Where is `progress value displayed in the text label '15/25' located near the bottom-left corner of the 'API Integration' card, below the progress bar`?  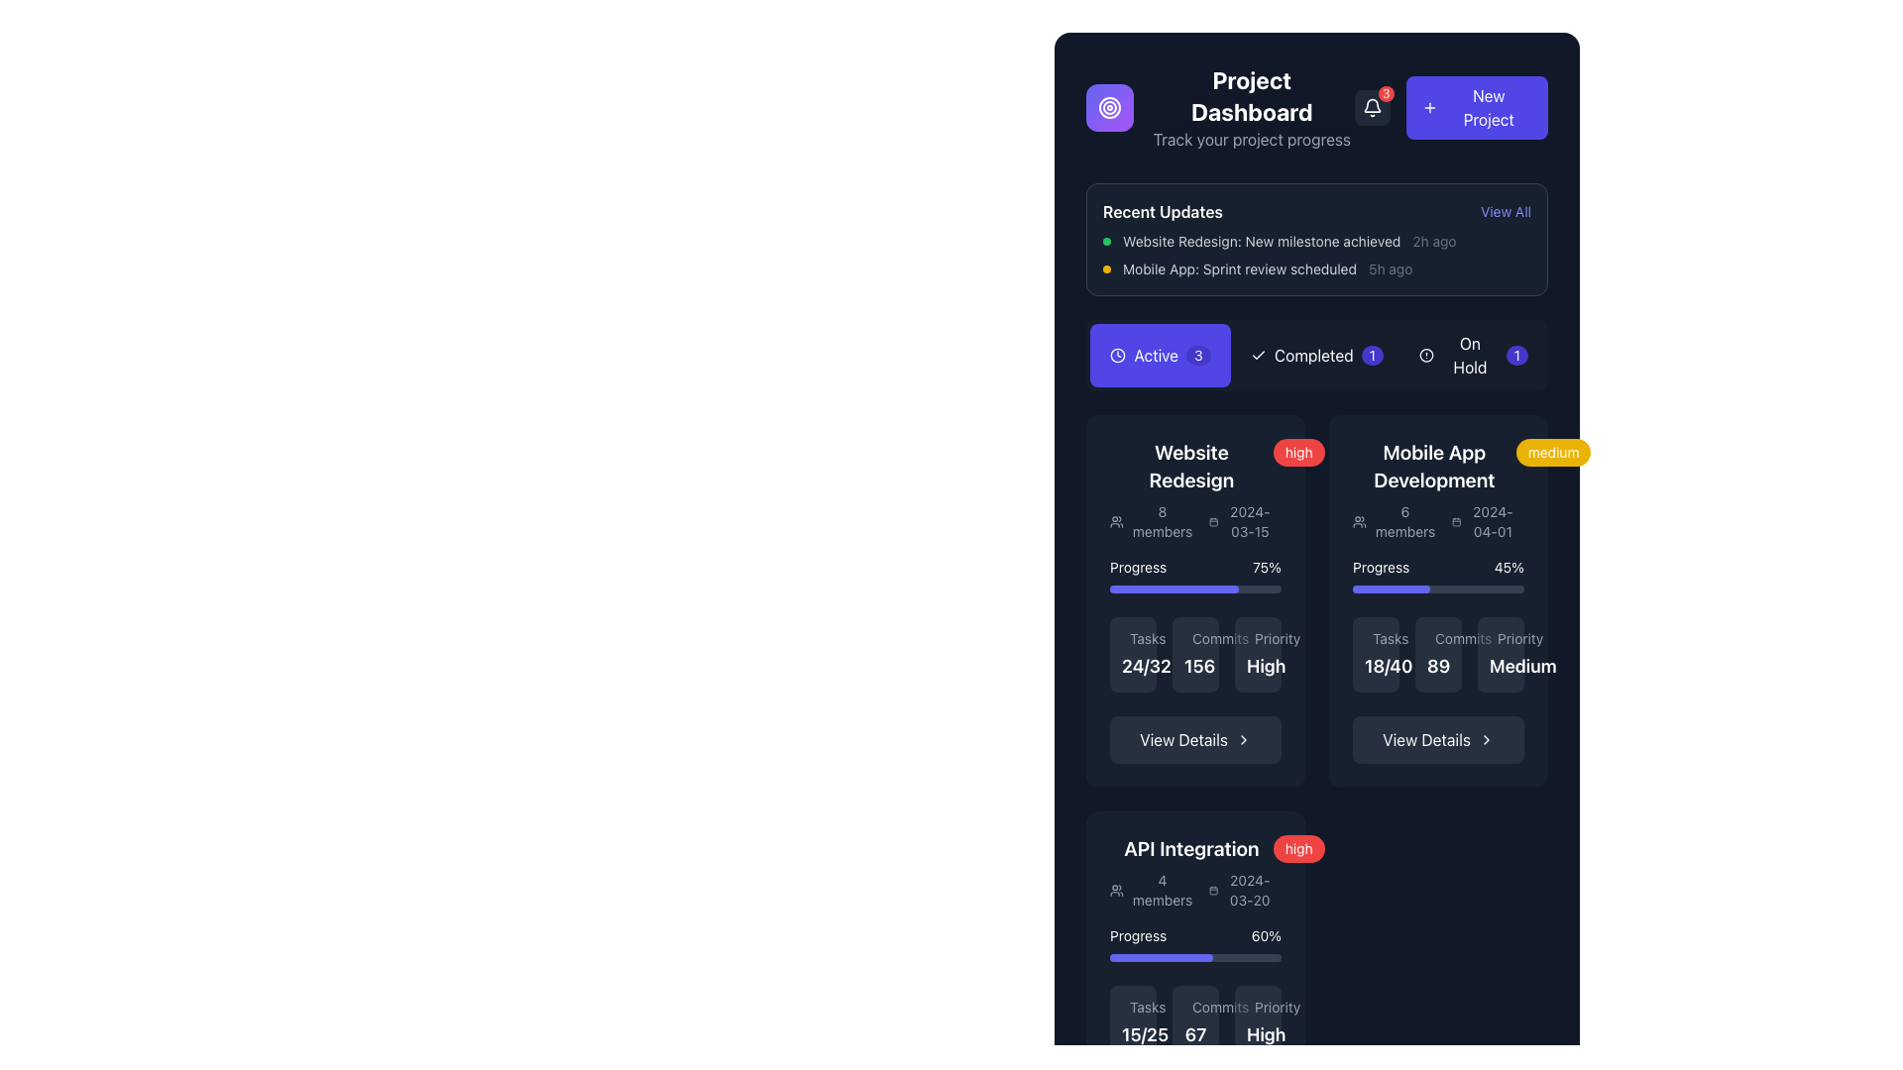 progress value displayed in the text label '15/25' located near the bottom-left corner of the 'API Integration' card, below the progress bar is located at coordinates (1133, 1023).